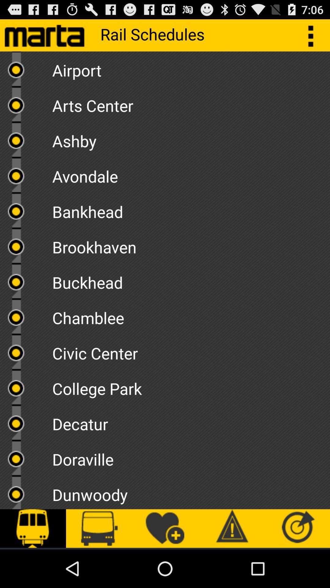 The width and height of the screenshot is (330, 588). What do you see at coordinates (314, 37) in the screenshot?
I see `the more icon` at bounding box center [314, 37].